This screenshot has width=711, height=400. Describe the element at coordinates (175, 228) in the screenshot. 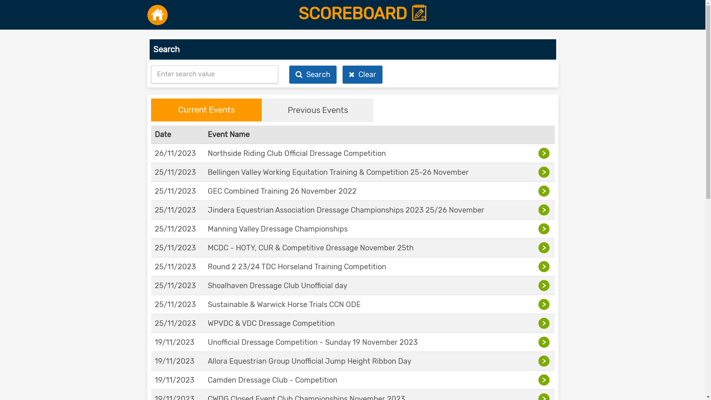

I see `'25/11/2023'` at that location.